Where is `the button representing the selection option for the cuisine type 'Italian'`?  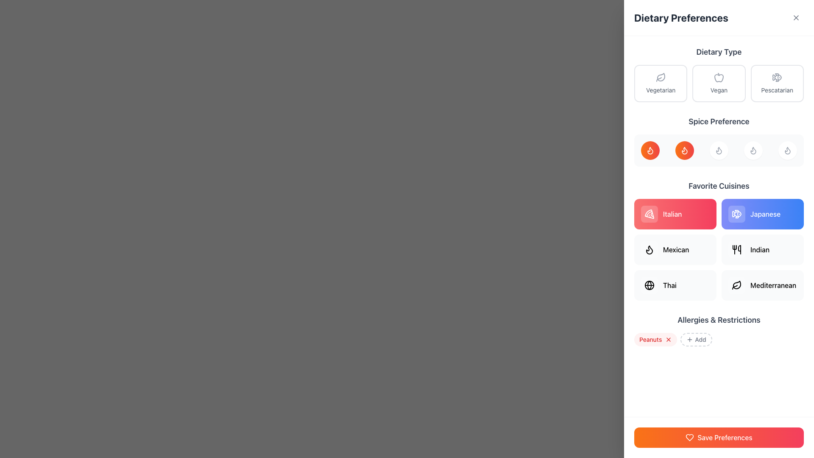 the button representing the selection option for the cuisine type 'Italian' is located at coordinates (675, 214).